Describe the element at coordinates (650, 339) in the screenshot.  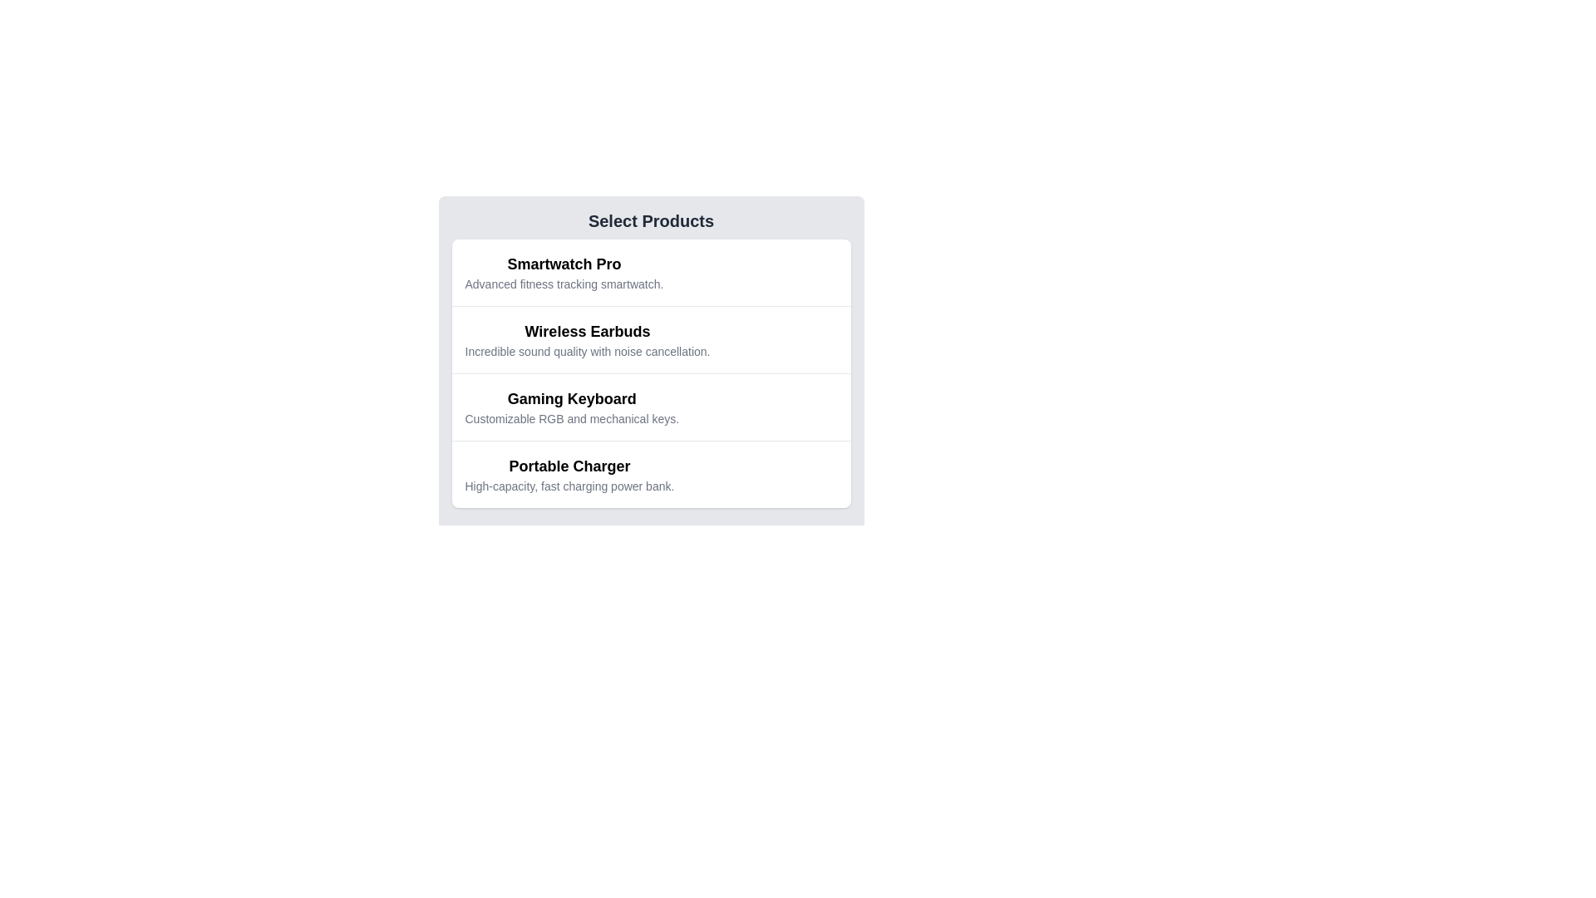
I see `the product list item displaying 'Wireless Earbuds'` at that location.